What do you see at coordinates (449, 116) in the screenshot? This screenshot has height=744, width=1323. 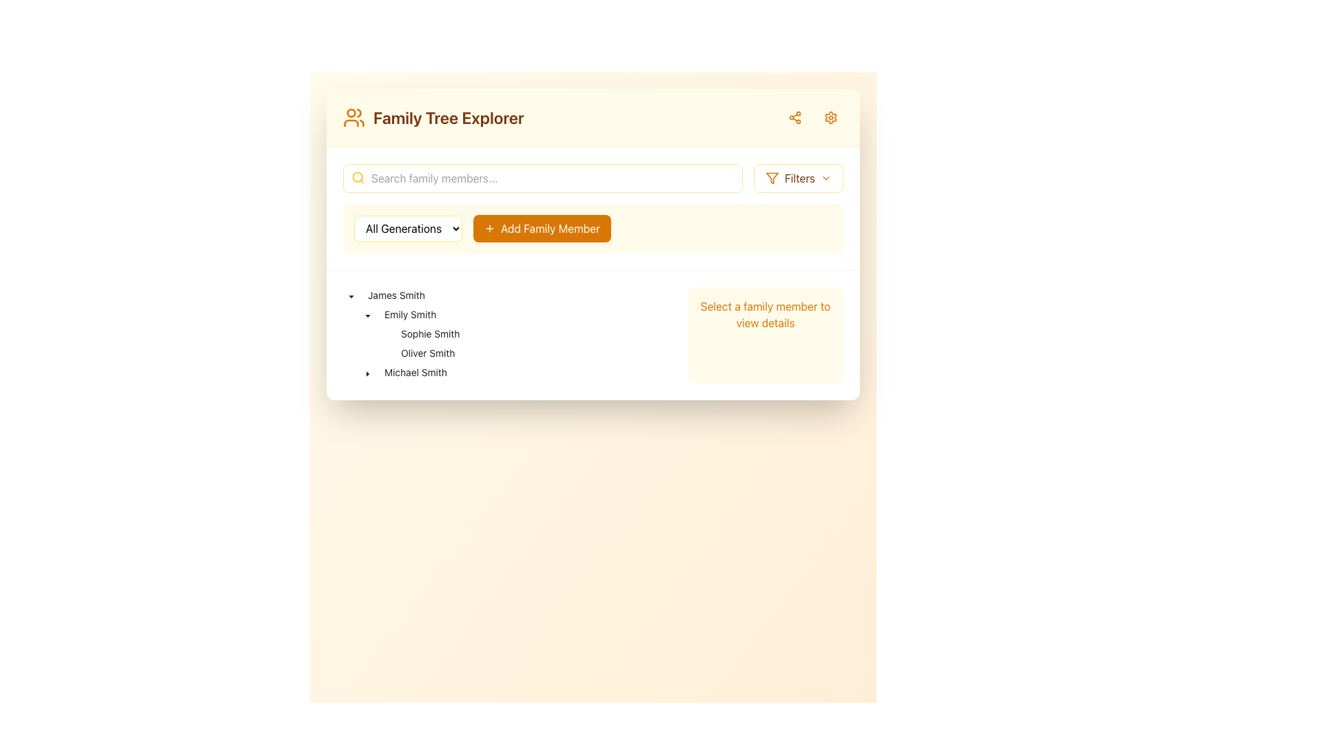 I see `the Static text header that serves as the title or header for the current section, positioned to the right of the user groups icon` at bounding box center [449, 116].